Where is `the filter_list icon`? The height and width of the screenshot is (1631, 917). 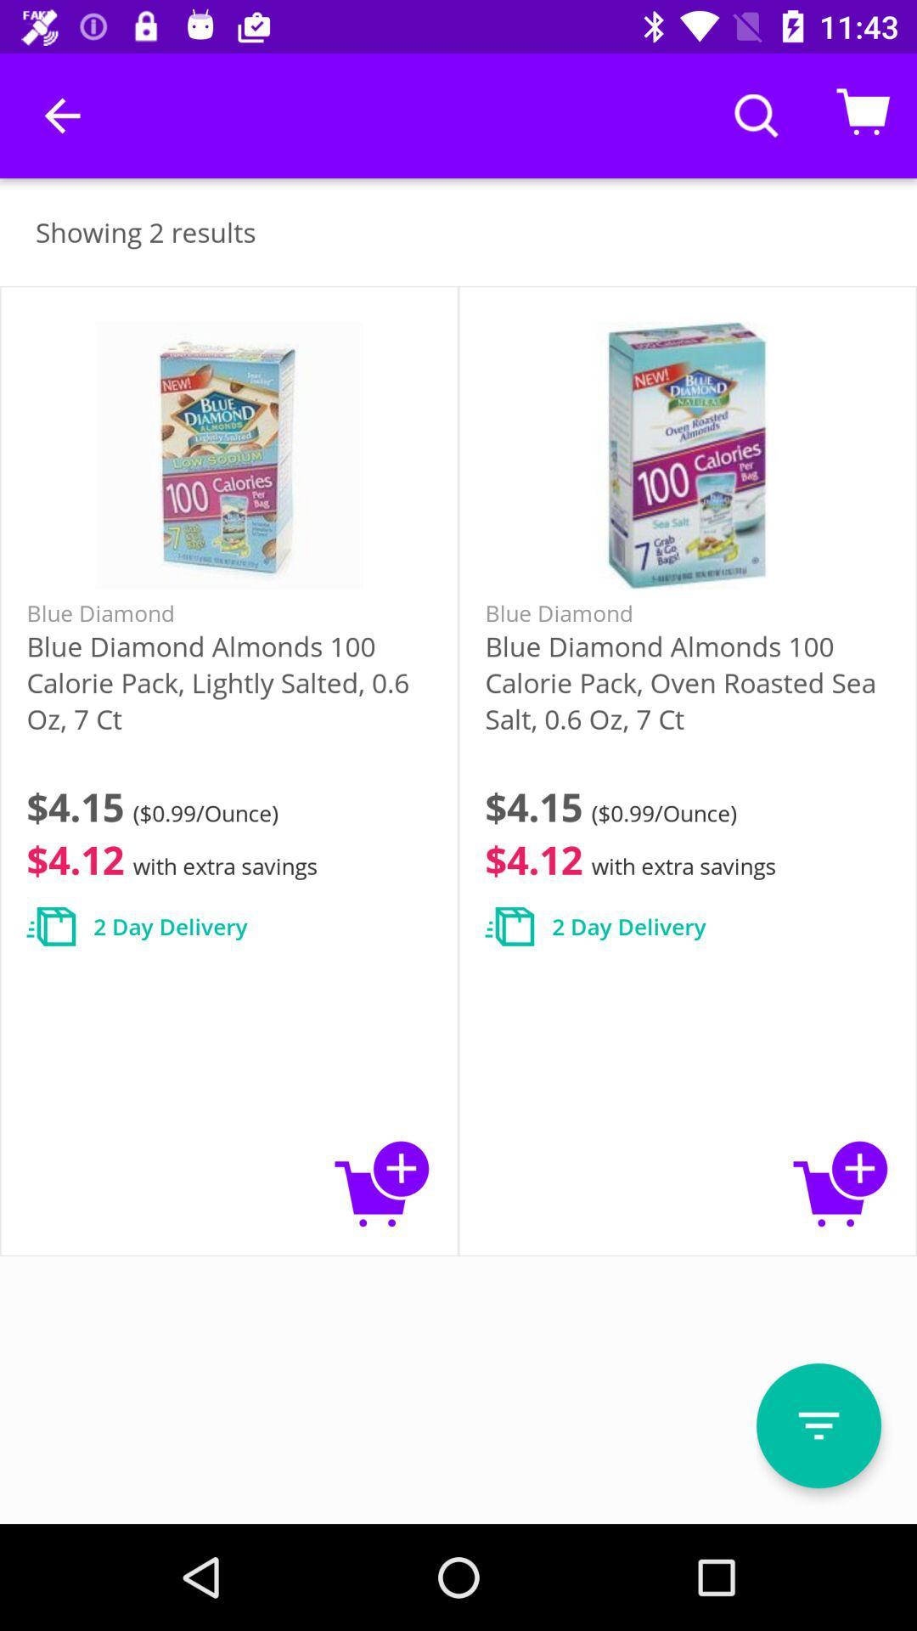 the filter_list icon is located at coordinates (818, 1425).